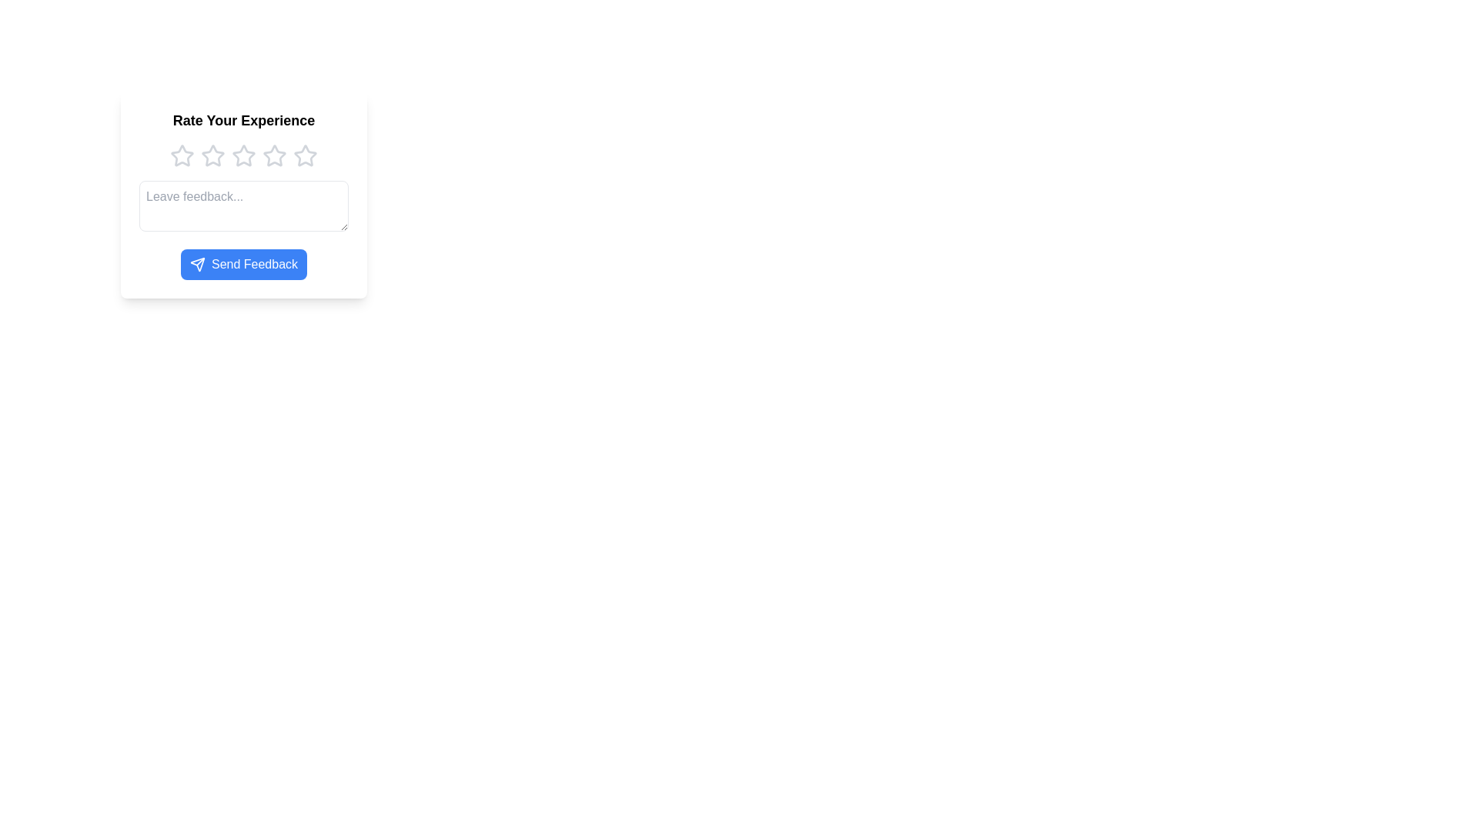 This screenshot has height=831, width=1478. What do you see at coordinates (212, 155) in the screenshot?
I see `the second interactive star icon in the rating widget` at bounding box center [212, 155].